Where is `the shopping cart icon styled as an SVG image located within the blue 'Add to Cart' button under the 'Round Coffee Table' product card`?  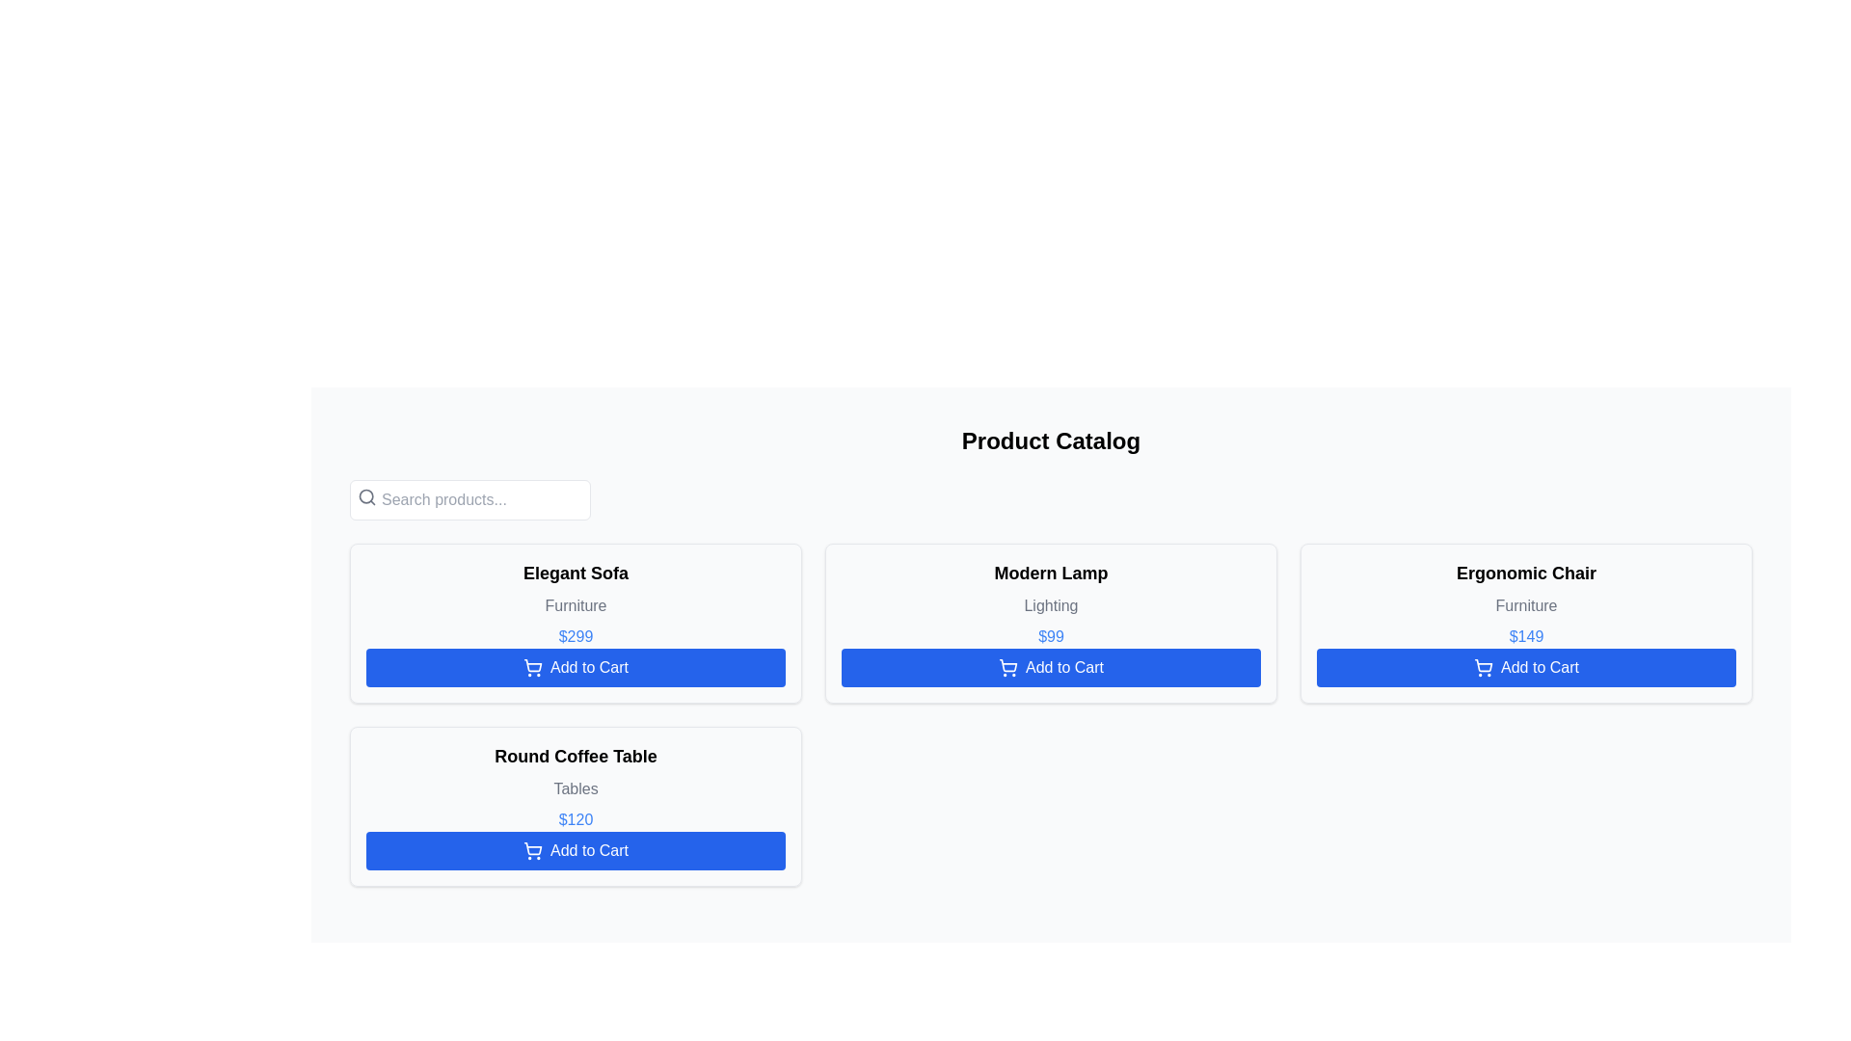
the shopping cart icon styled as an SVG image located within the blue 'Add to Cart' button under the 'Round Coffee Table' product card is located at coordinates (532, 850).